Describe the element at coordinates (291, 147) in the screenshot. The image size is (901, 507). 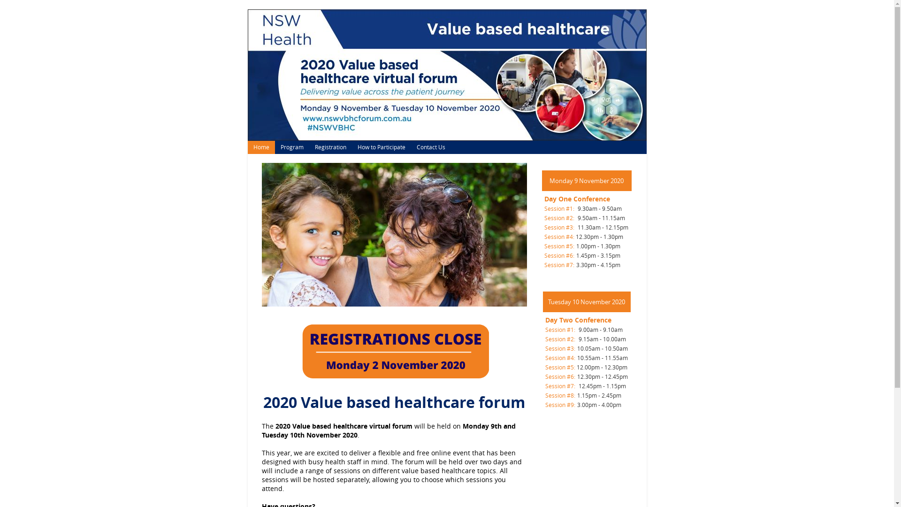
I see `'Program'` at that location.